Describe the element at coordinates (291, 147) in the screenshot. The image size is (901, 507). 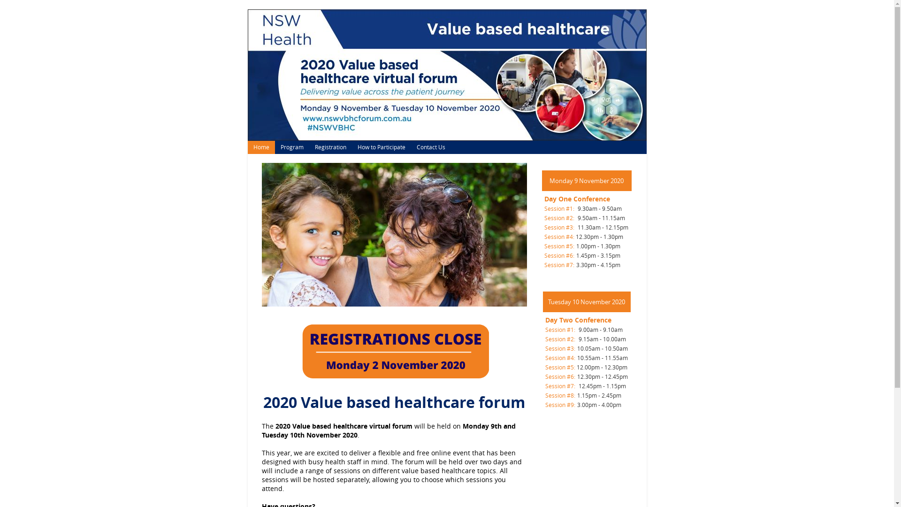
I see `'Program'` at that location.